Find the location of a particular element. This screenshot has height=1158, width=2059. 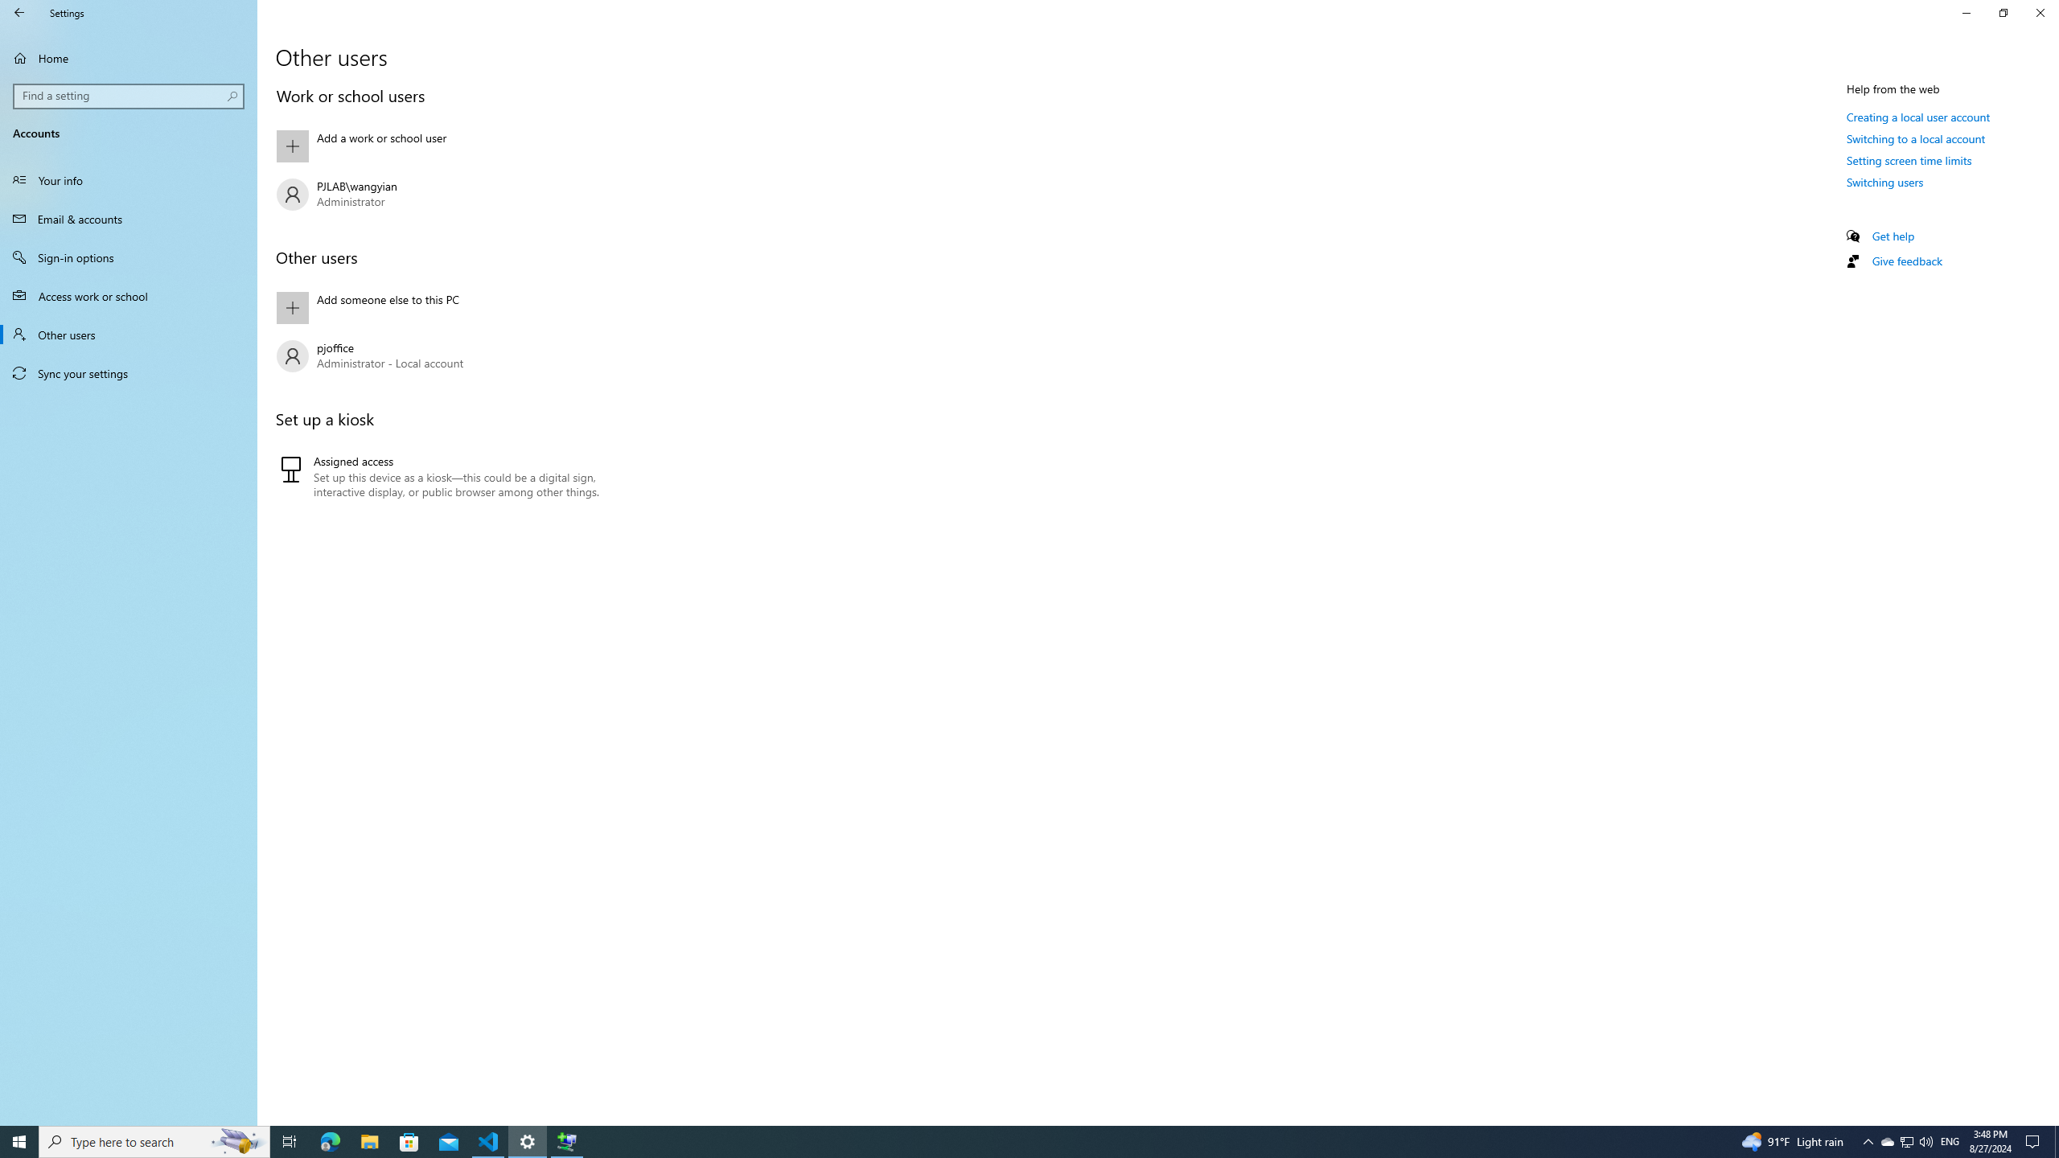

'Start' is located at coordinates (19, 1140).